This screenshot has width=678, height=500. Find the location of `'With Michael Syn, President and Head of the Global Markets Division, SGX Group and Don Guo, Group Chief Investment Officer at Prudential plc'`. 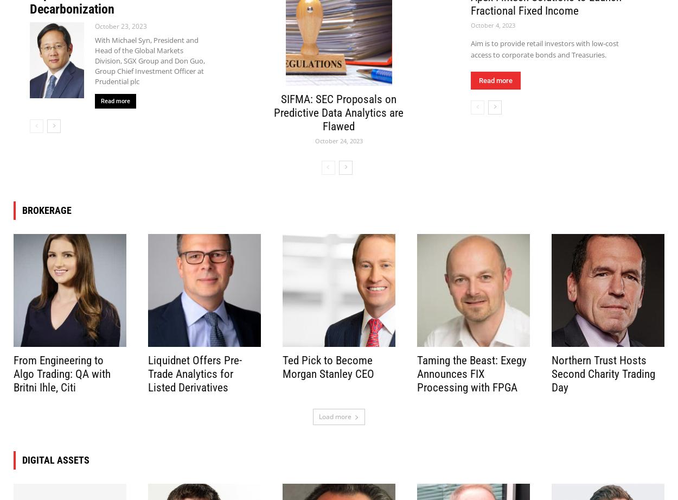

'With Michael Syn, President and Head of the Global Markets Division, SGX Group and Don Guo, Group Chief Investment Officer at Prudential plc' is located at coordinates (150, 60).